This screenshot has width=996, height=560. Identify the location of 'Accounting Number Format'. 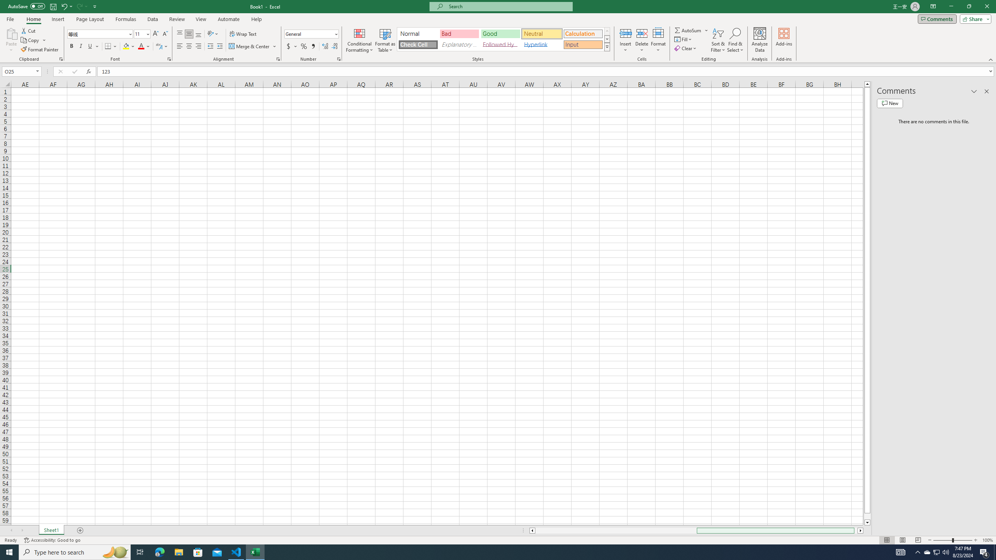
(292, 46).